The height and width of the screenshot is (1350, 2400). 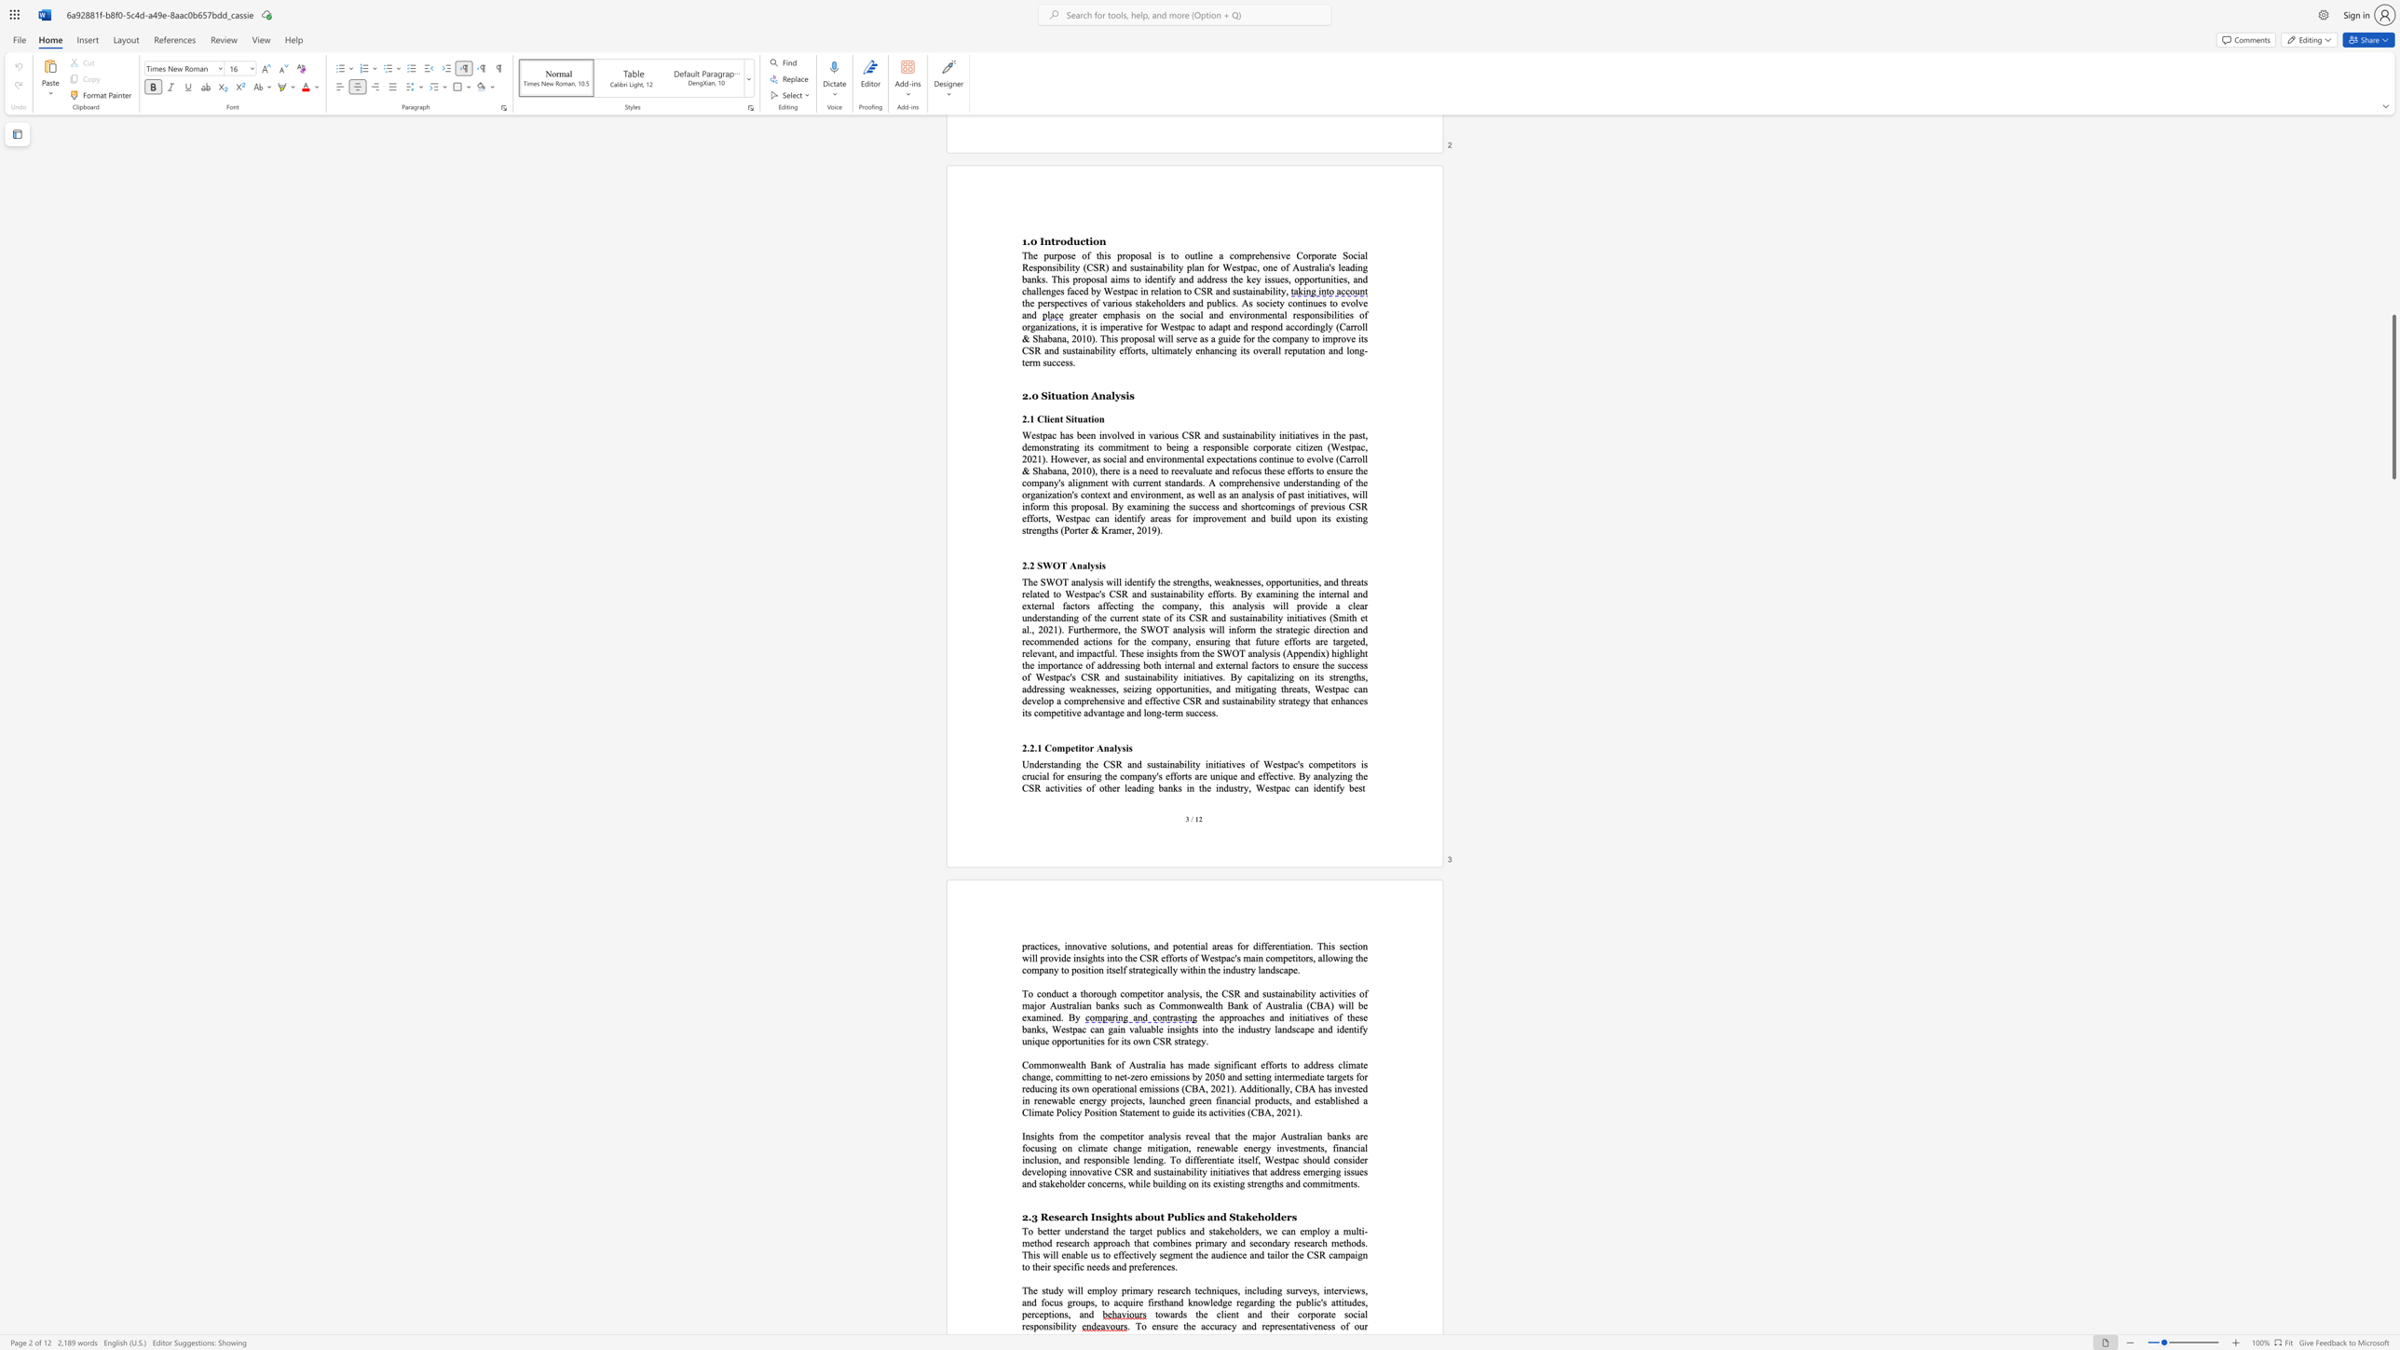 What do you see at coordinates (1147, 1302) in the screenshot?
I see `the subset text "firsthand know" within the text "firsthand knowledge"` at bounding box center [1147, 1302].